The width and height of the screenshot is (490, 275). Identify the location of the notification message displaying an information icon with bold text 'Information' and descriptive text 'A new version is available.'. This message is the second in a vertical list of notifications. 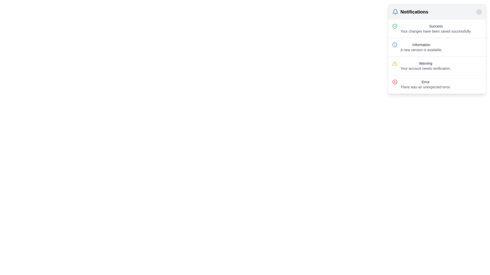
(437, 47).